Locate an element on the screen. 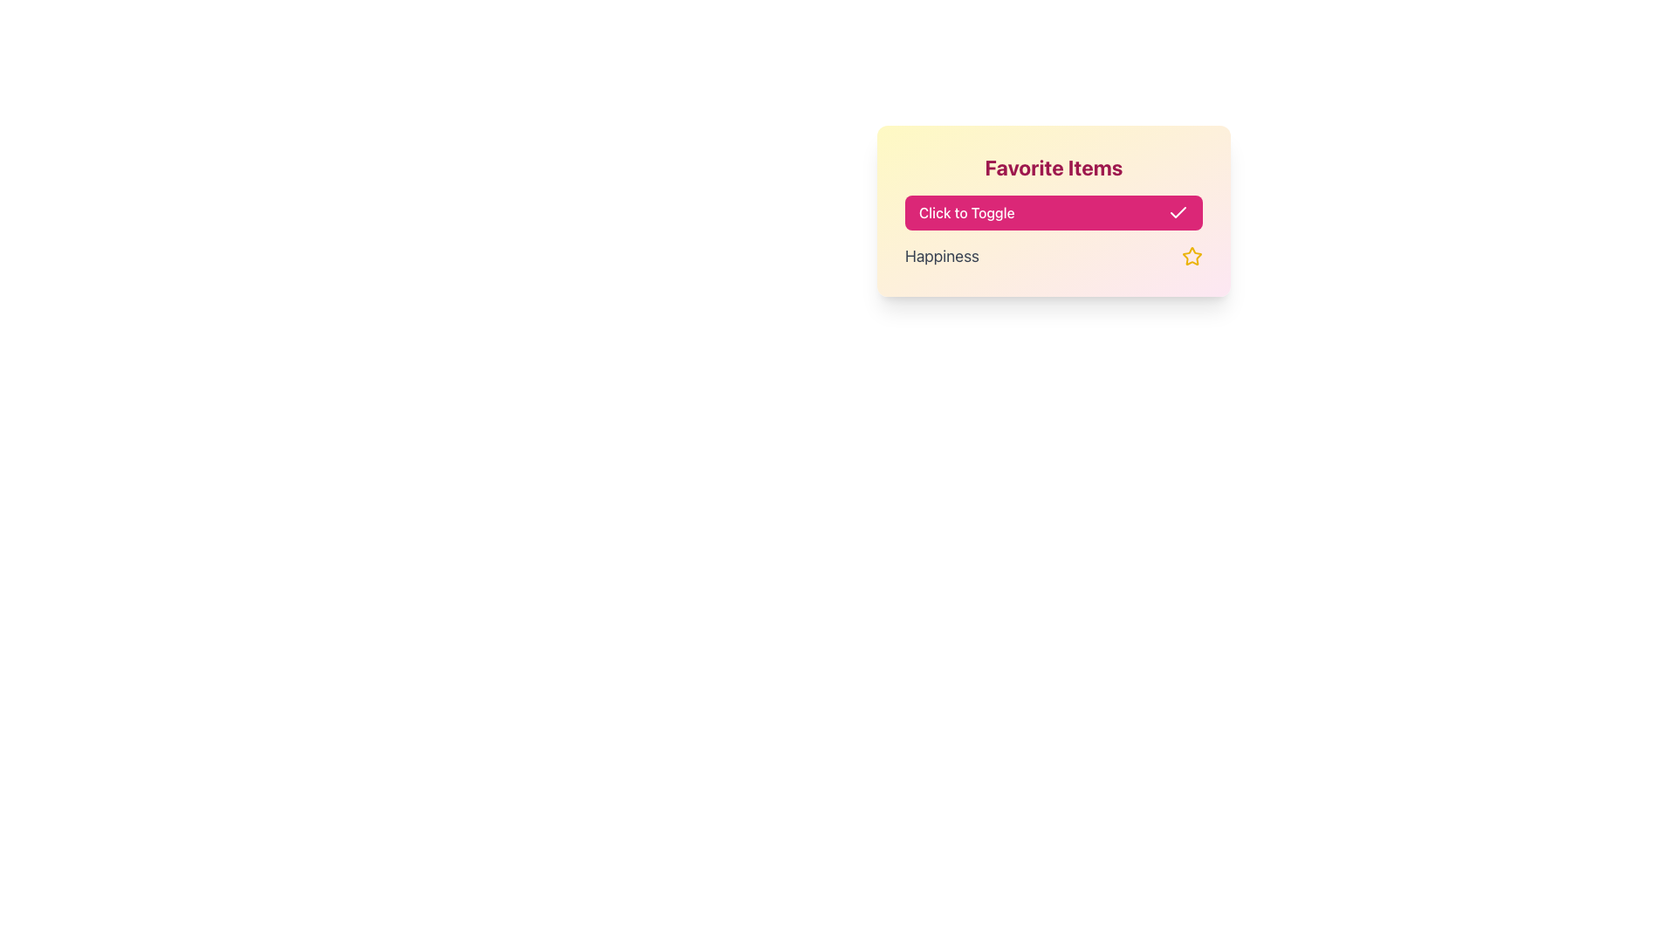 Image resolution: width=1676 pixels, height=943 pixels. the star icon located is located at coordinates (1192, 256).